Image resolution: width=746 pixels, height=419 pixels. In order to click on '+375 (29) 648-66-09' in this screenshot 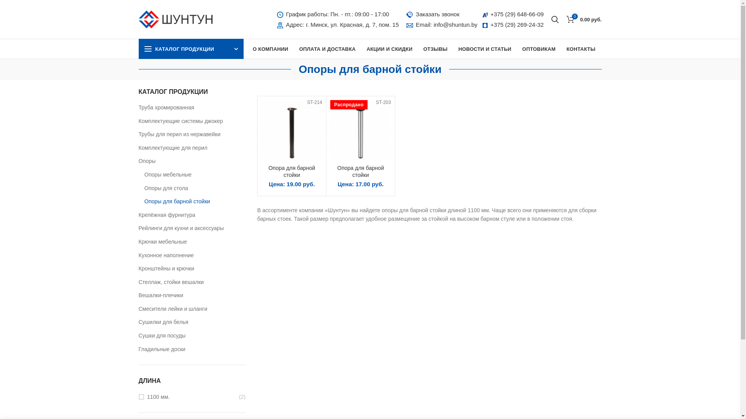, I will do `click(517, 14)`.